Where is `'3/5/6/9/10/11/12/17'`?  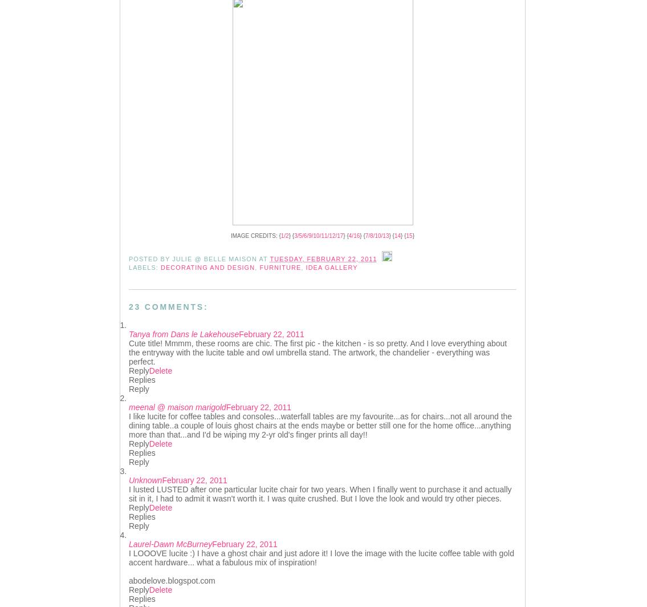
'3/5/6/9/10/11/12/17' is located at coordinates (318, 235).